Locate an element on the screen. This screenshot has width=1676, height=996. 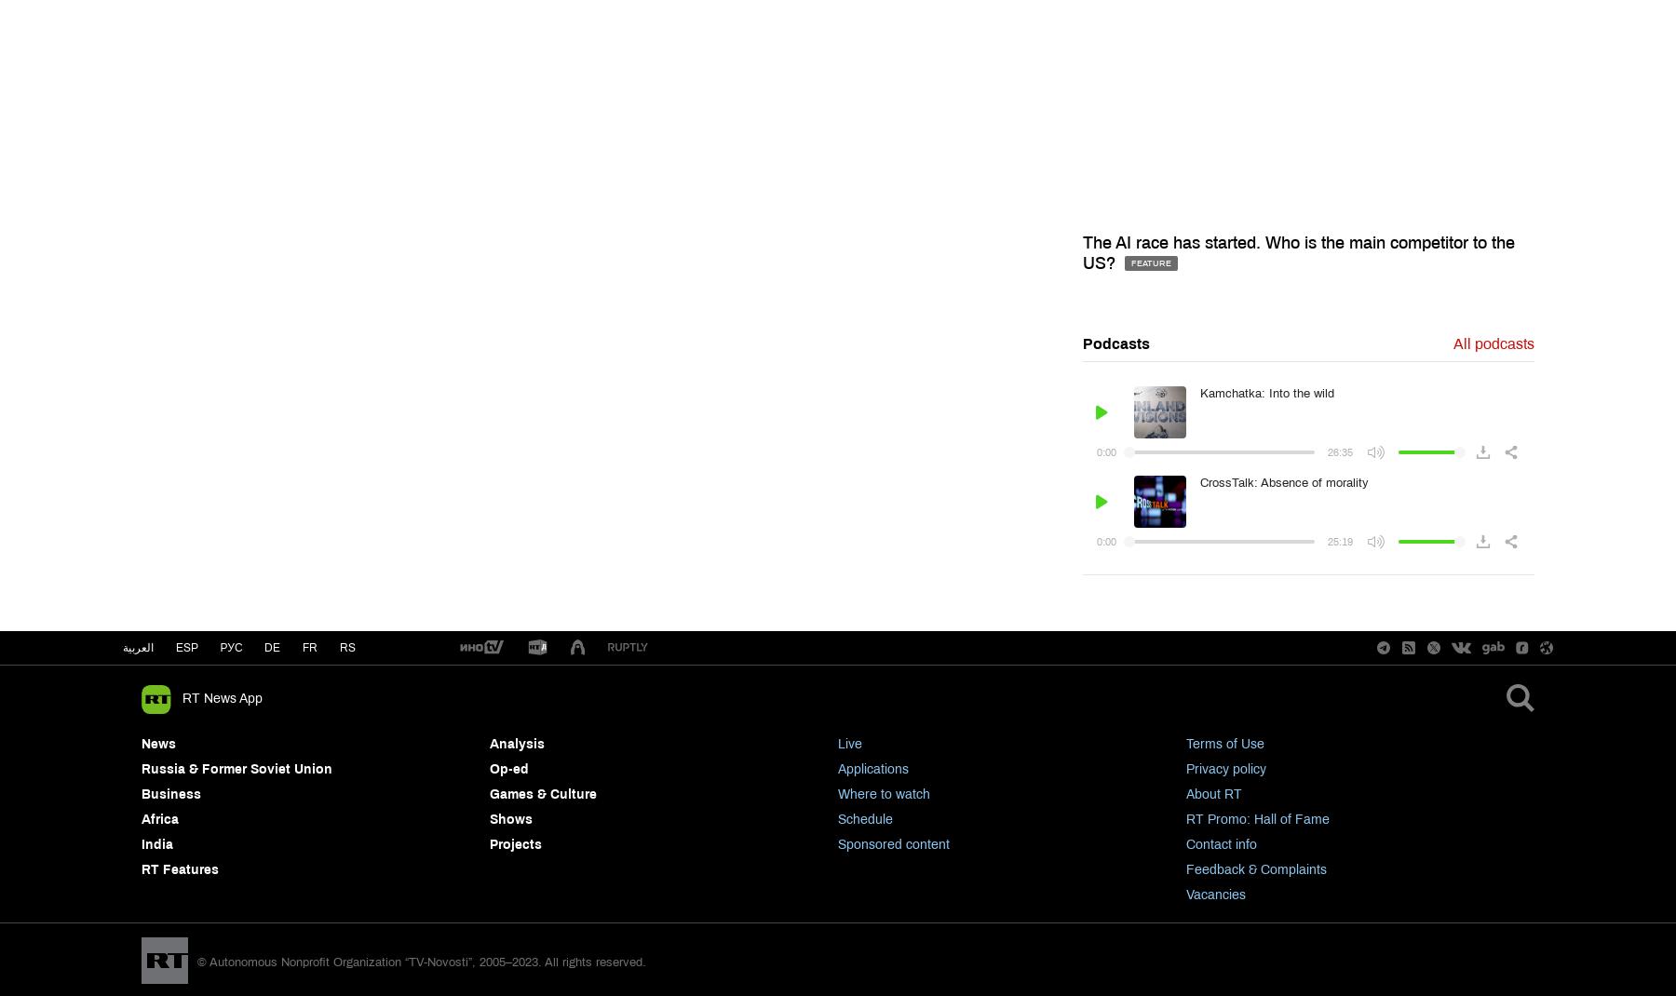
'Terms of Use' is located at coordinates (1224, 743).